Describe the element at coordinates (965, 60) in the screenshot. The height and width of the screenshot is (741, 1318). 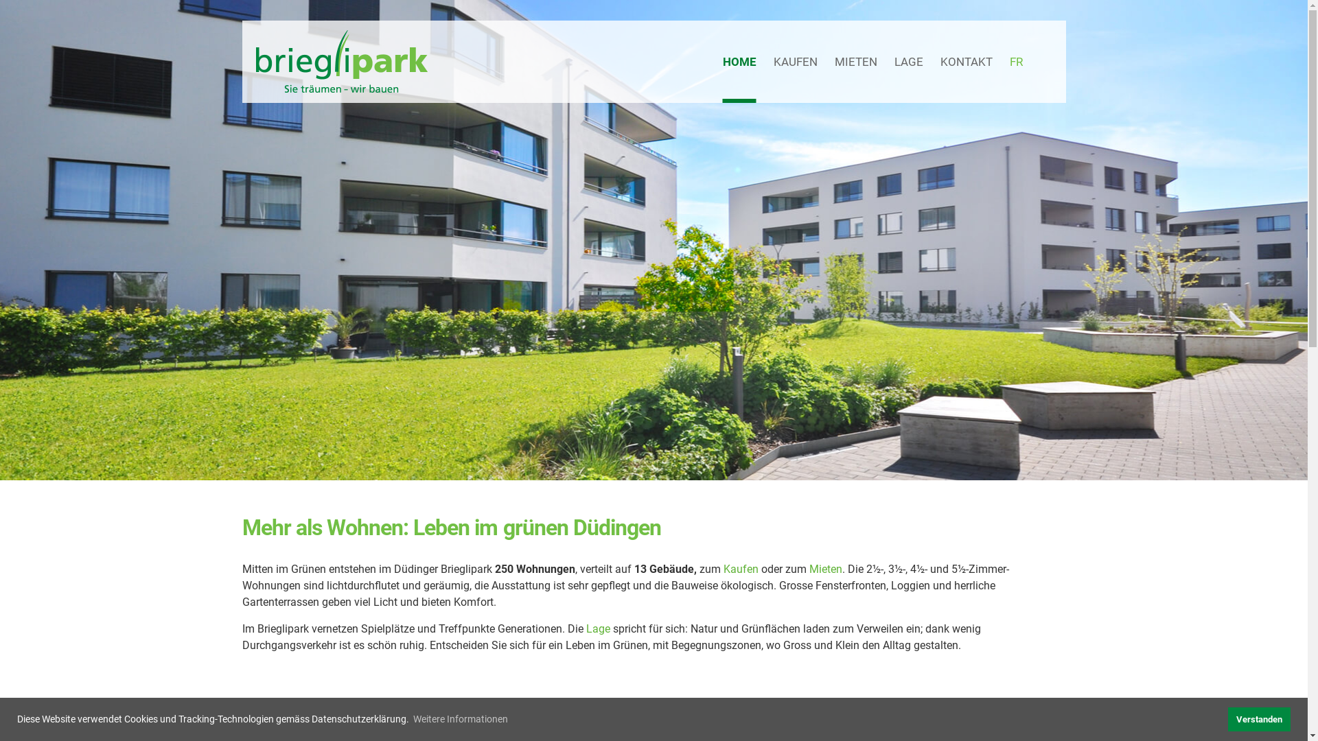
I see `'KONTAKT'` at that location.